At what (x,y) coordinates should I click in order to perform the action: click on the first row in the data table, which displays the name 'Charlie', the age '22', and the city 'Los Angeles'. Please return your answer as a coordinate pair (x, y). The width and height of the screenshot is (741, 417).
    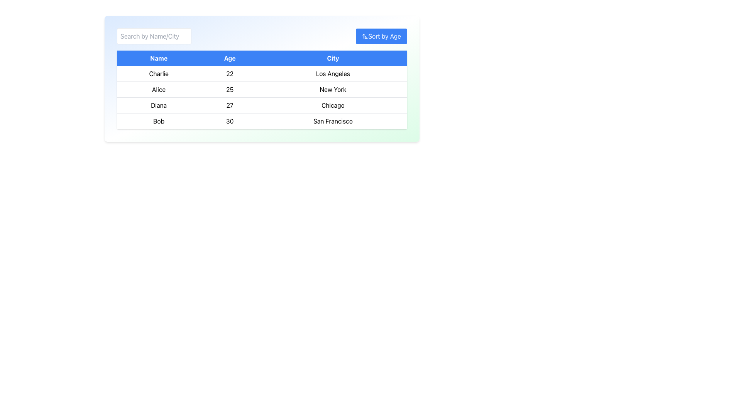
    Looking at the image, I should click on (262, 74).